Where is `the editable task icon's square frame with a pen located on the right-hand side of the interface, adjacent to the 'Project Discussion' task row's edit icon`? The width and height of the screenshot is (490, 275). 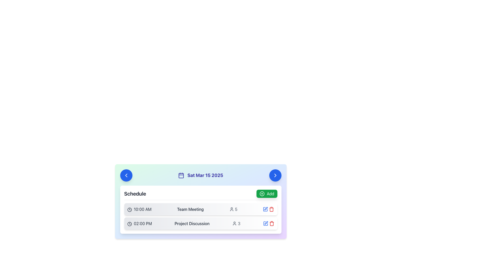 the editable task icon's square frame with a pen located on the right-hand side of the interface, adjacent to the 'Project Discussion' task row's edit icon is located at coordinates (265, 209).